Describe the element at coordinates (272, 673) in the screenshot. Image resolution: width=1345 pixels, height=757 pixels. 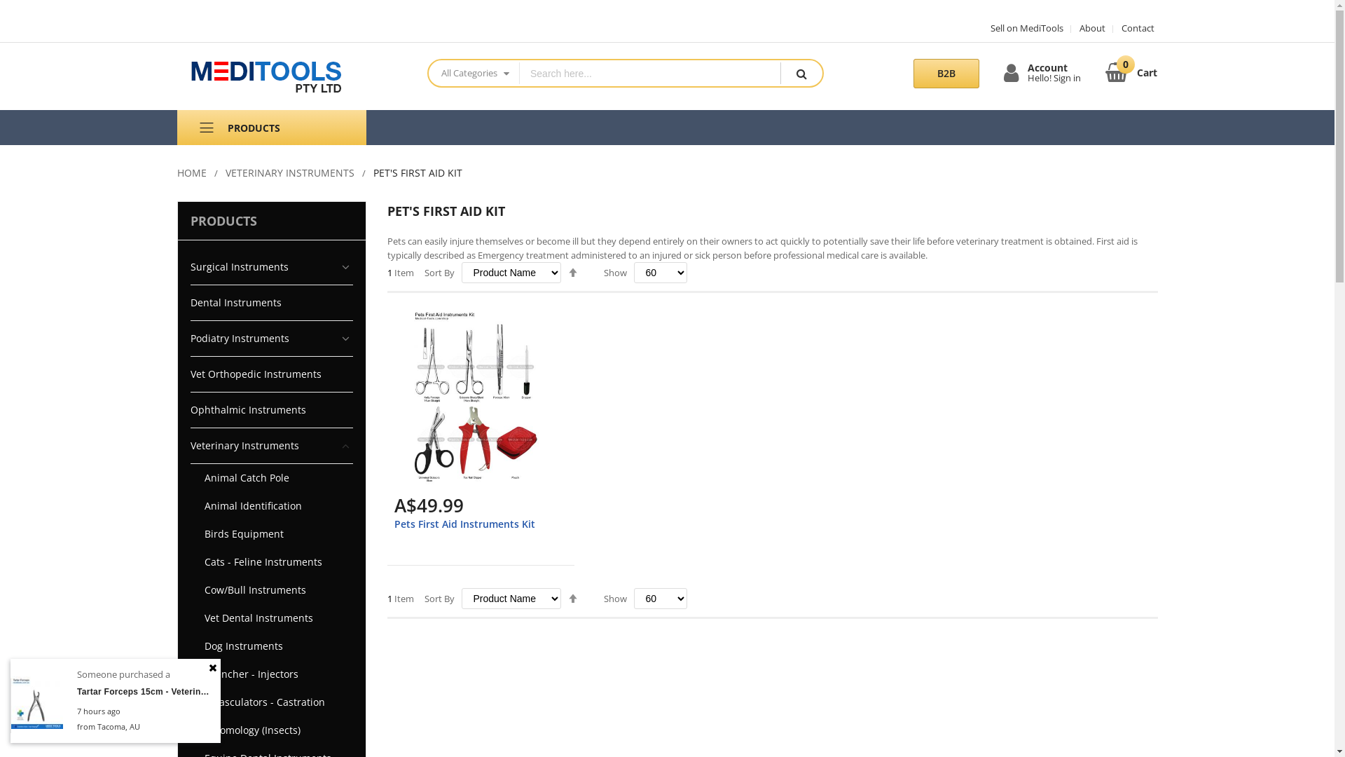
I see `'Drencher - Injectors'` at that location.